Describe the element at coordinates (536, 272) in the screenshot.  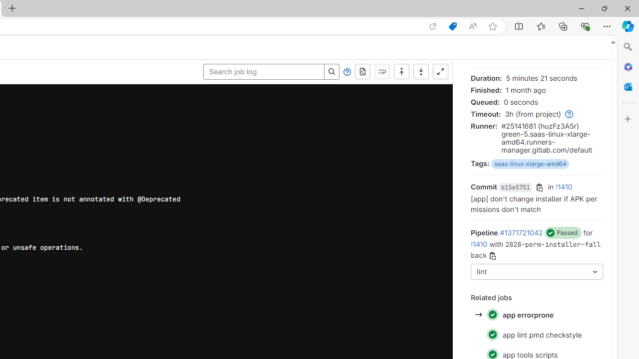
I see `'lint'` at that location.